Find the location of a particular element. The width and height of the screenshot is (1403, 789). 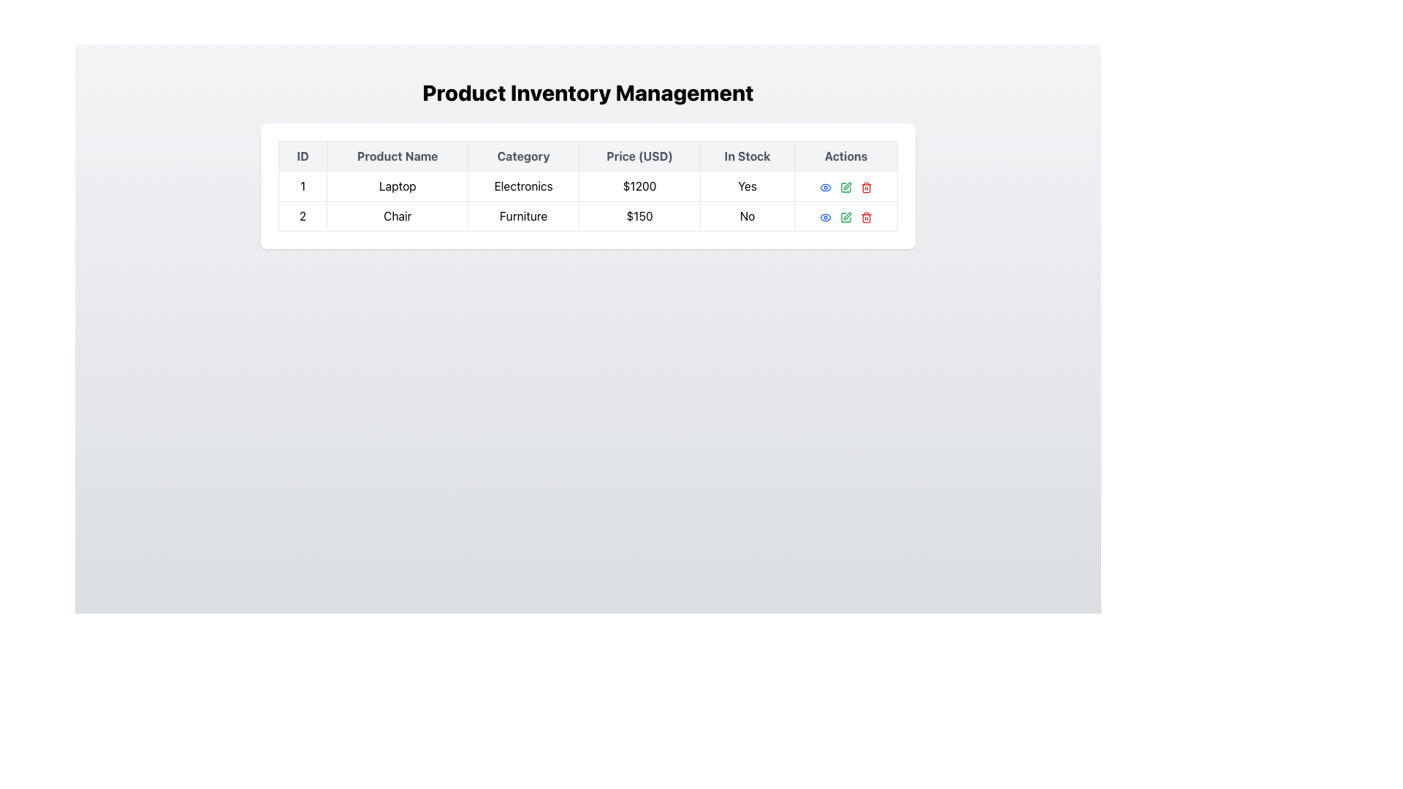

the second column header of the table that contains product names is located at coordinates (398, 156).